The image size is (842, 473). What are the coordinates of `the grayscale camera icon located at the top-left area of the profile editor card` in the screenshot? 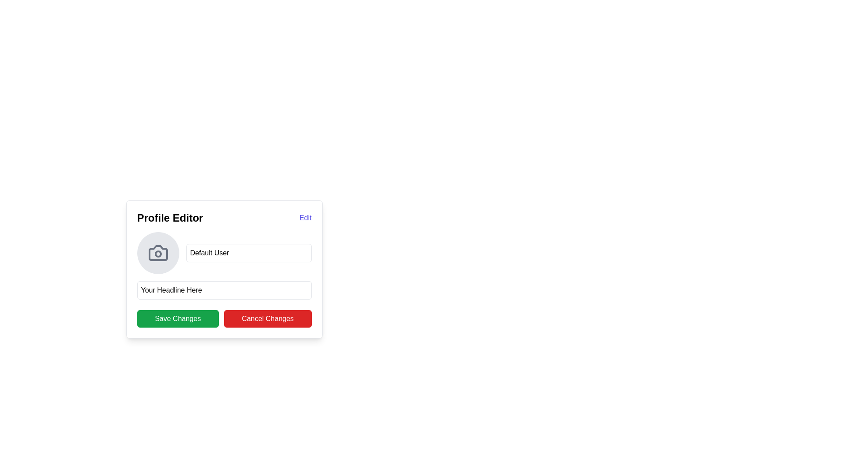 It's located at (158, 253).